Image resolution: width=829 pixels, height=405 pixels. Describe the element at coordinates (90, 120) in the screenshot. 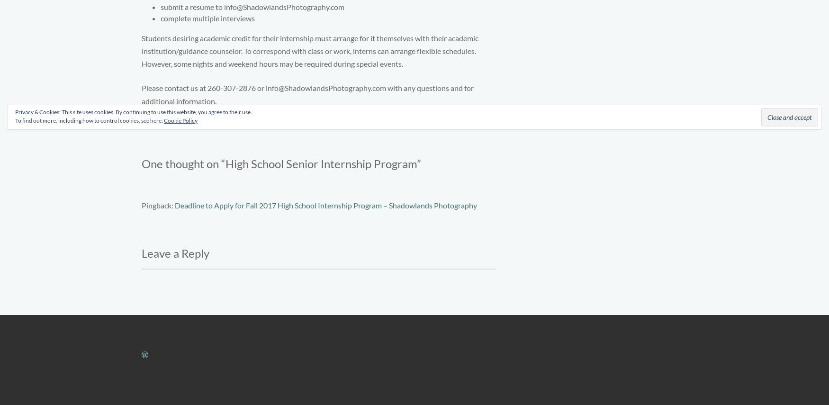

I see `'To find out more, including how to control cookies, see here:'` at that location.